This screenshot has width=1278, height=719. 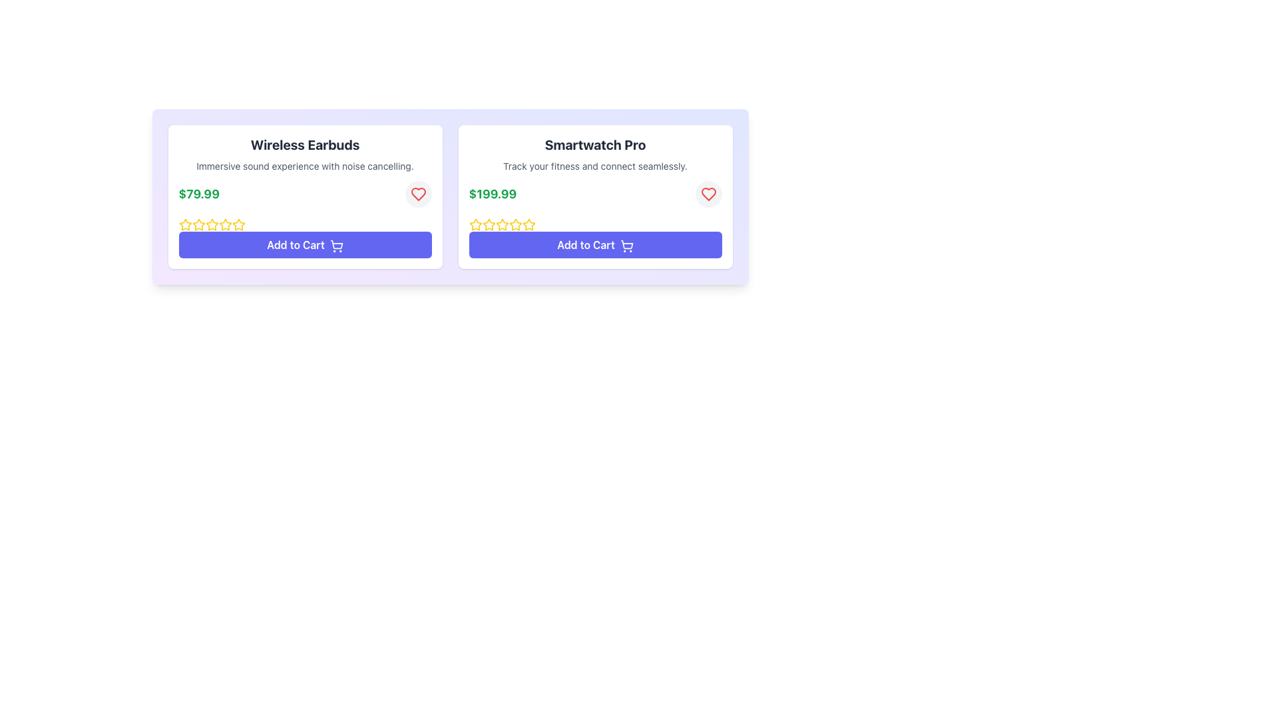 I want to click on the fourth star-shaped icon in the rating system for the 'Wireless Earbuds' located below the pricing details, so click(x=211, y=224).